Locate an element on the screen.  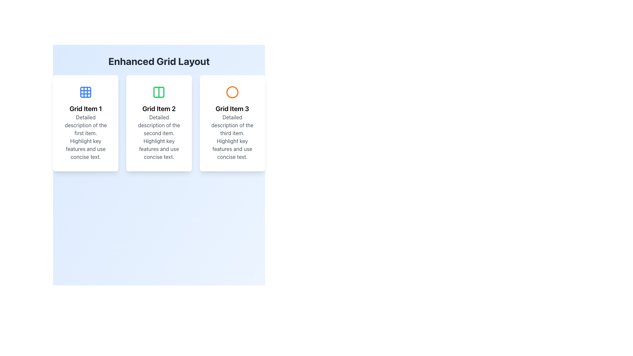
the text label that acts as the title for the third card in the grid layout, which is located above the description text and below a circular orange icon is located at coordinates (232, 108).